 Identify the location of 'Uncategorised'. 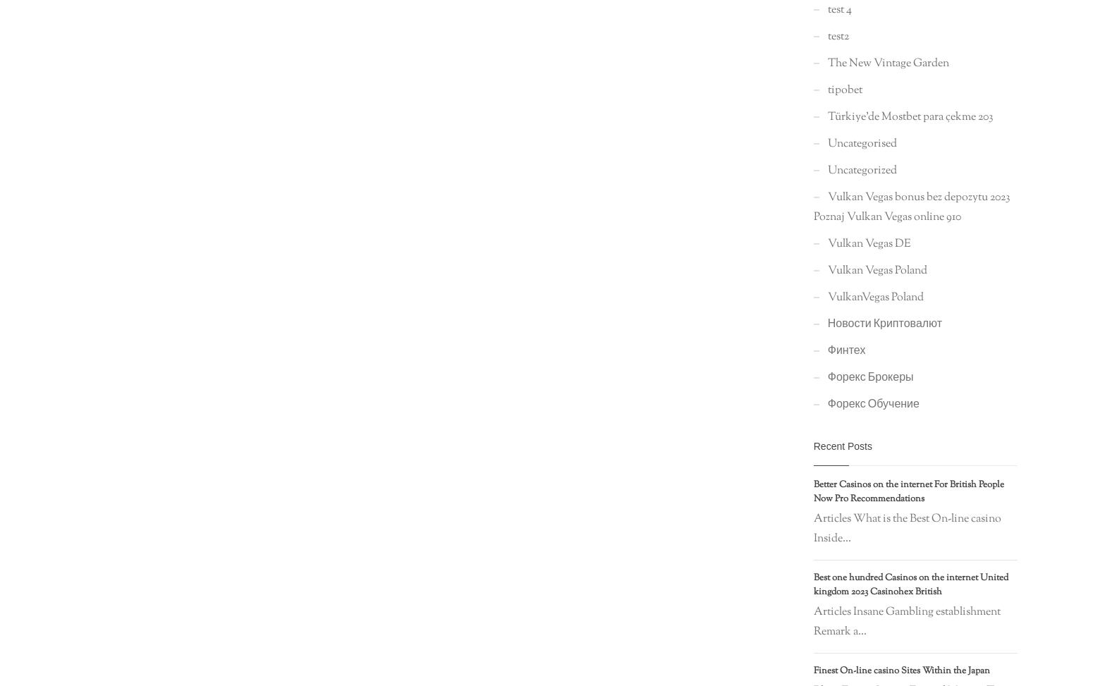
(862, 143).